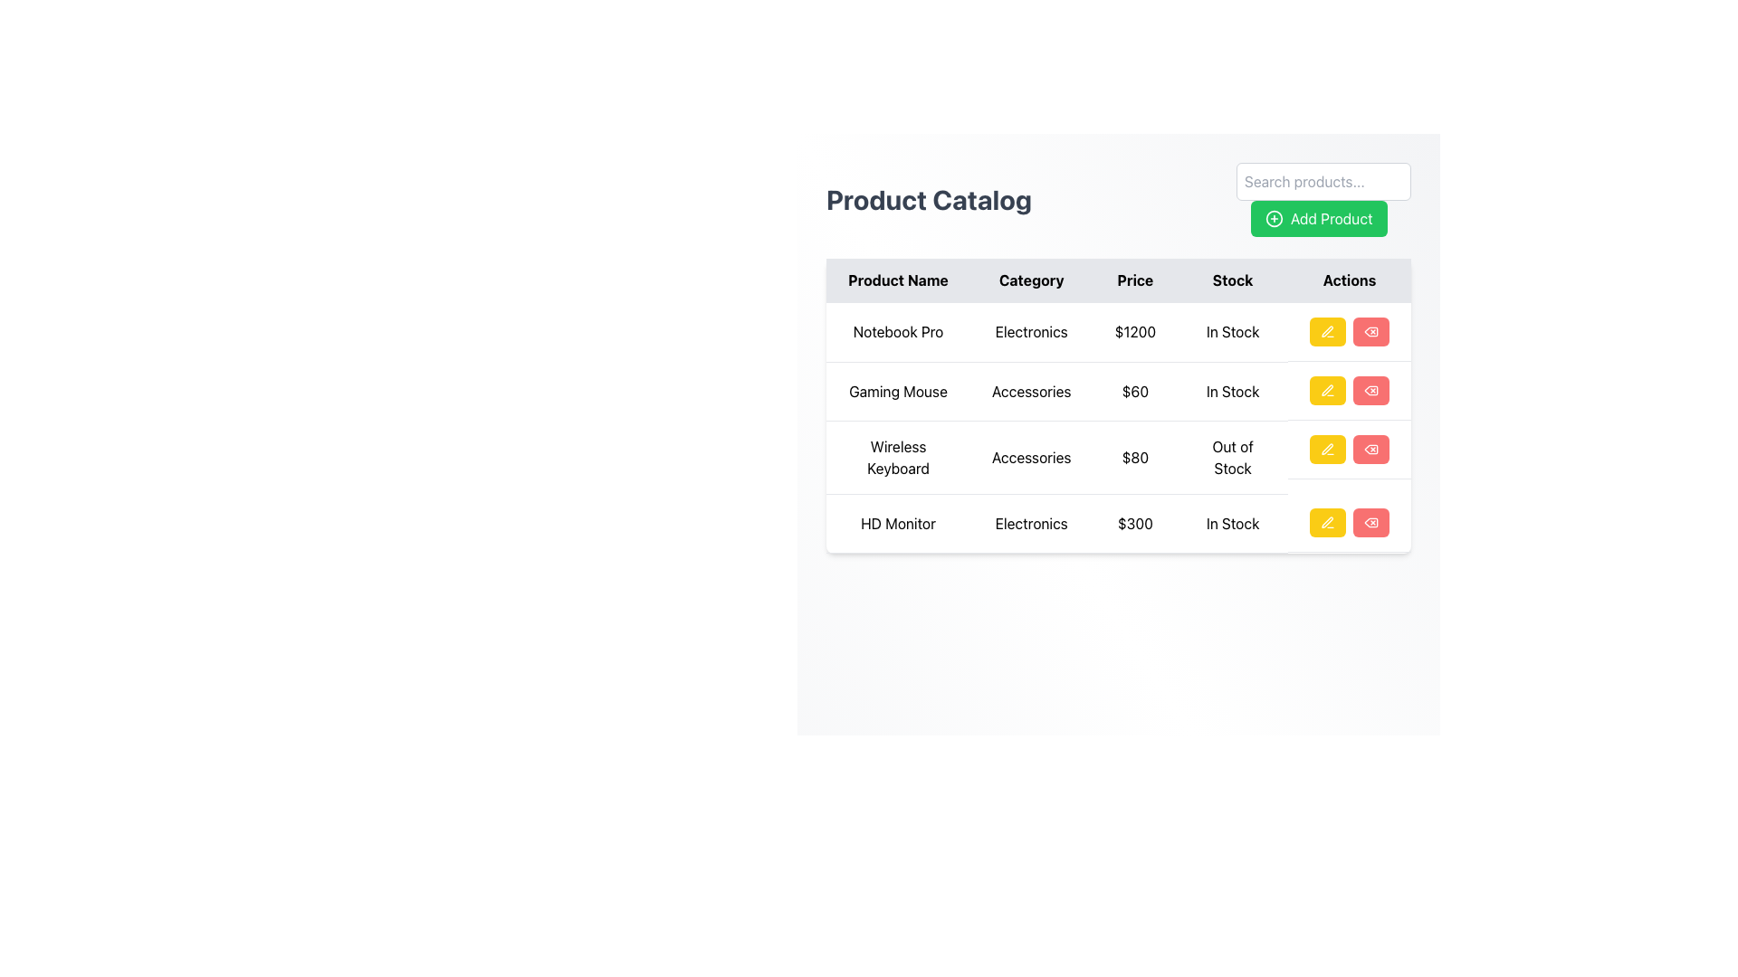 The height and width of the screenshot is (977, 1738). Describe the element at coordinates (1232, 390) in the screenshot. I see `the Text Label that indicates the stock availability status for the 'Gaming Mouse' in the fourth column of the second row in the table` at that location.